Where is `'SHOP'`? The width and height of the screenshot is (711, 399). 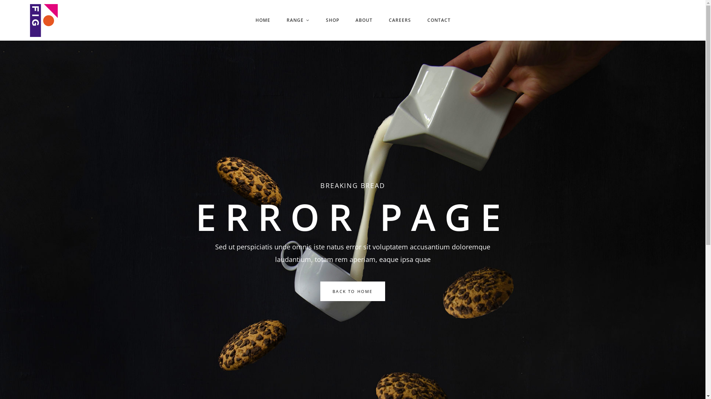 'SHOP' is located at coordinates (332, 20).